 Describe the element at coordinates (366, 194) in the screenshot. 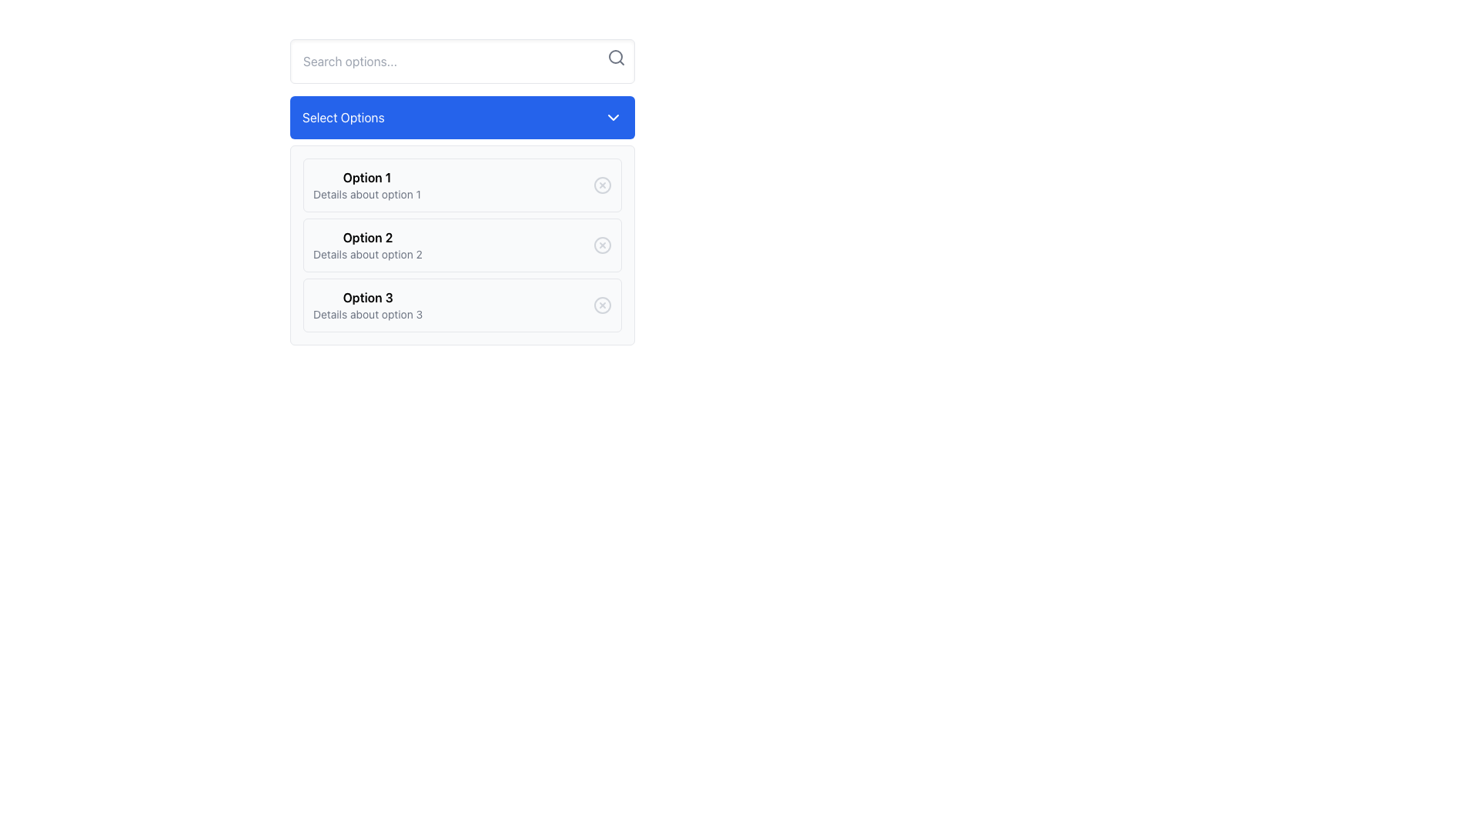

I see `the static text label that provides additional descriptive information about 'Option 1', located directly under the first listed option in the dropdown list` at that location.